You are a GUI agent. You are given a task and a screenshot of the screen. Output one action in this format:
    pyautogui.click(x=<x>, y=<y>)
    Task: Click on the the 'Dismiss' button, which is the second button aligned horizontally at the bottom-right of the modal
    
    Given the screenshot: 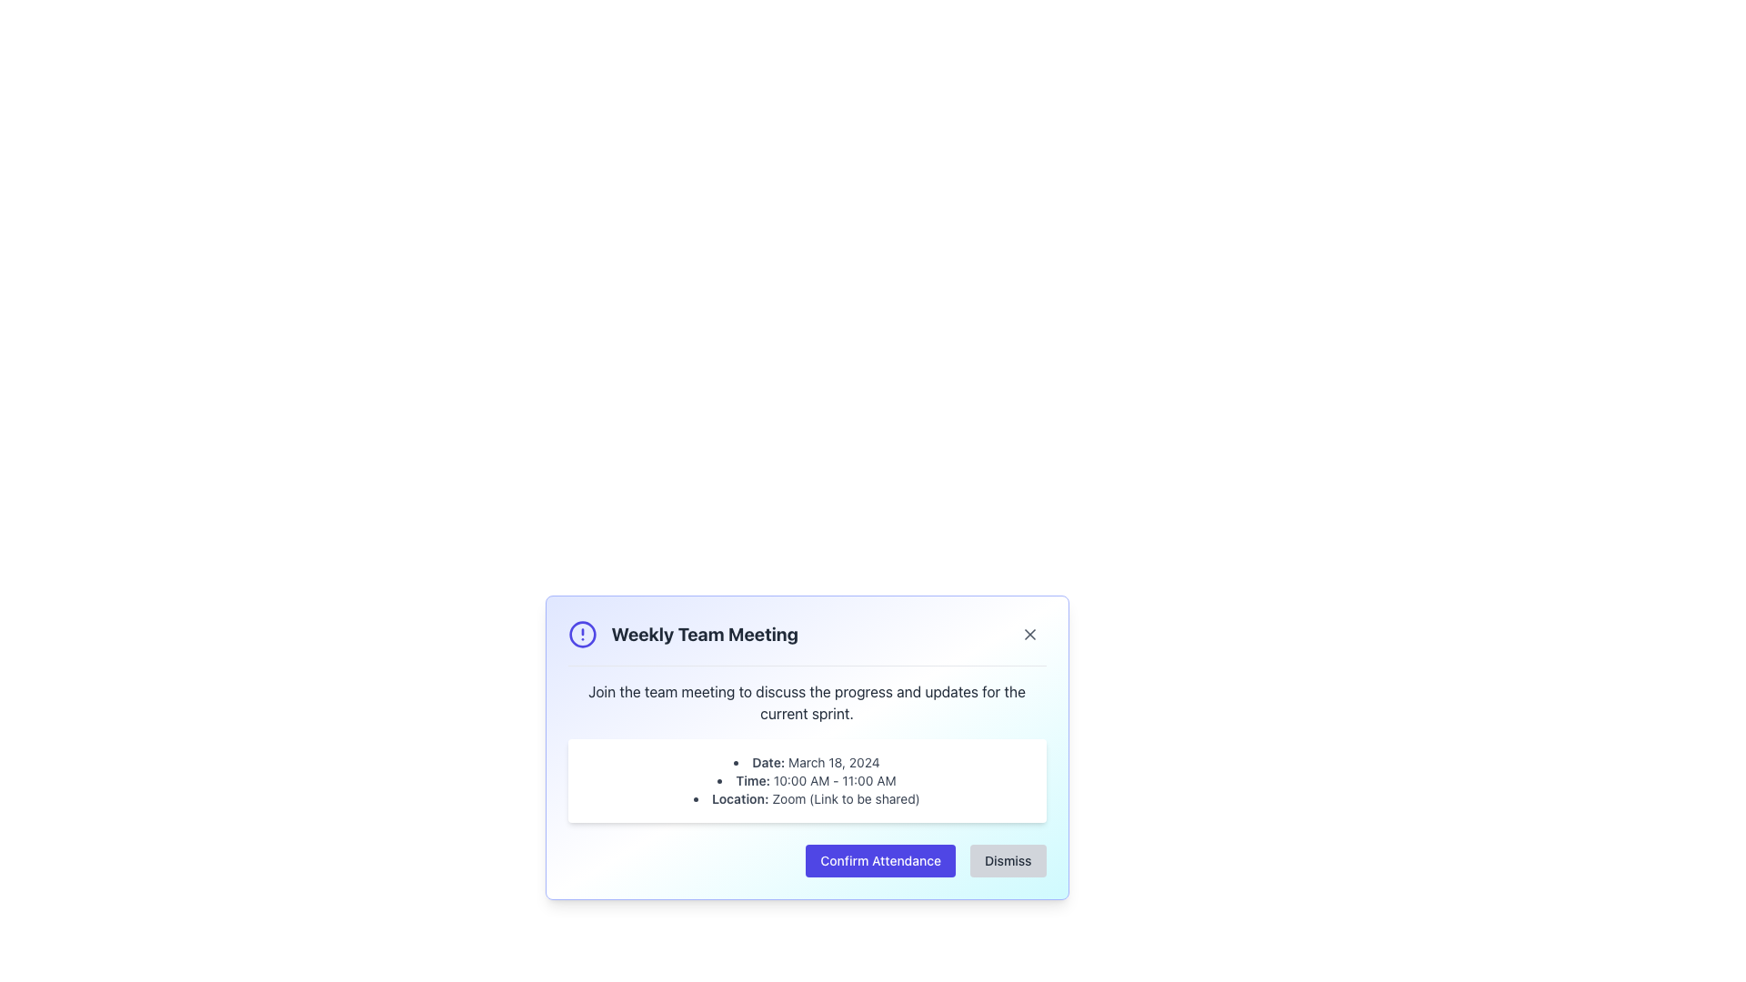 What is the action you would take?
    pyautogui.click(x=1007, y=860)
    